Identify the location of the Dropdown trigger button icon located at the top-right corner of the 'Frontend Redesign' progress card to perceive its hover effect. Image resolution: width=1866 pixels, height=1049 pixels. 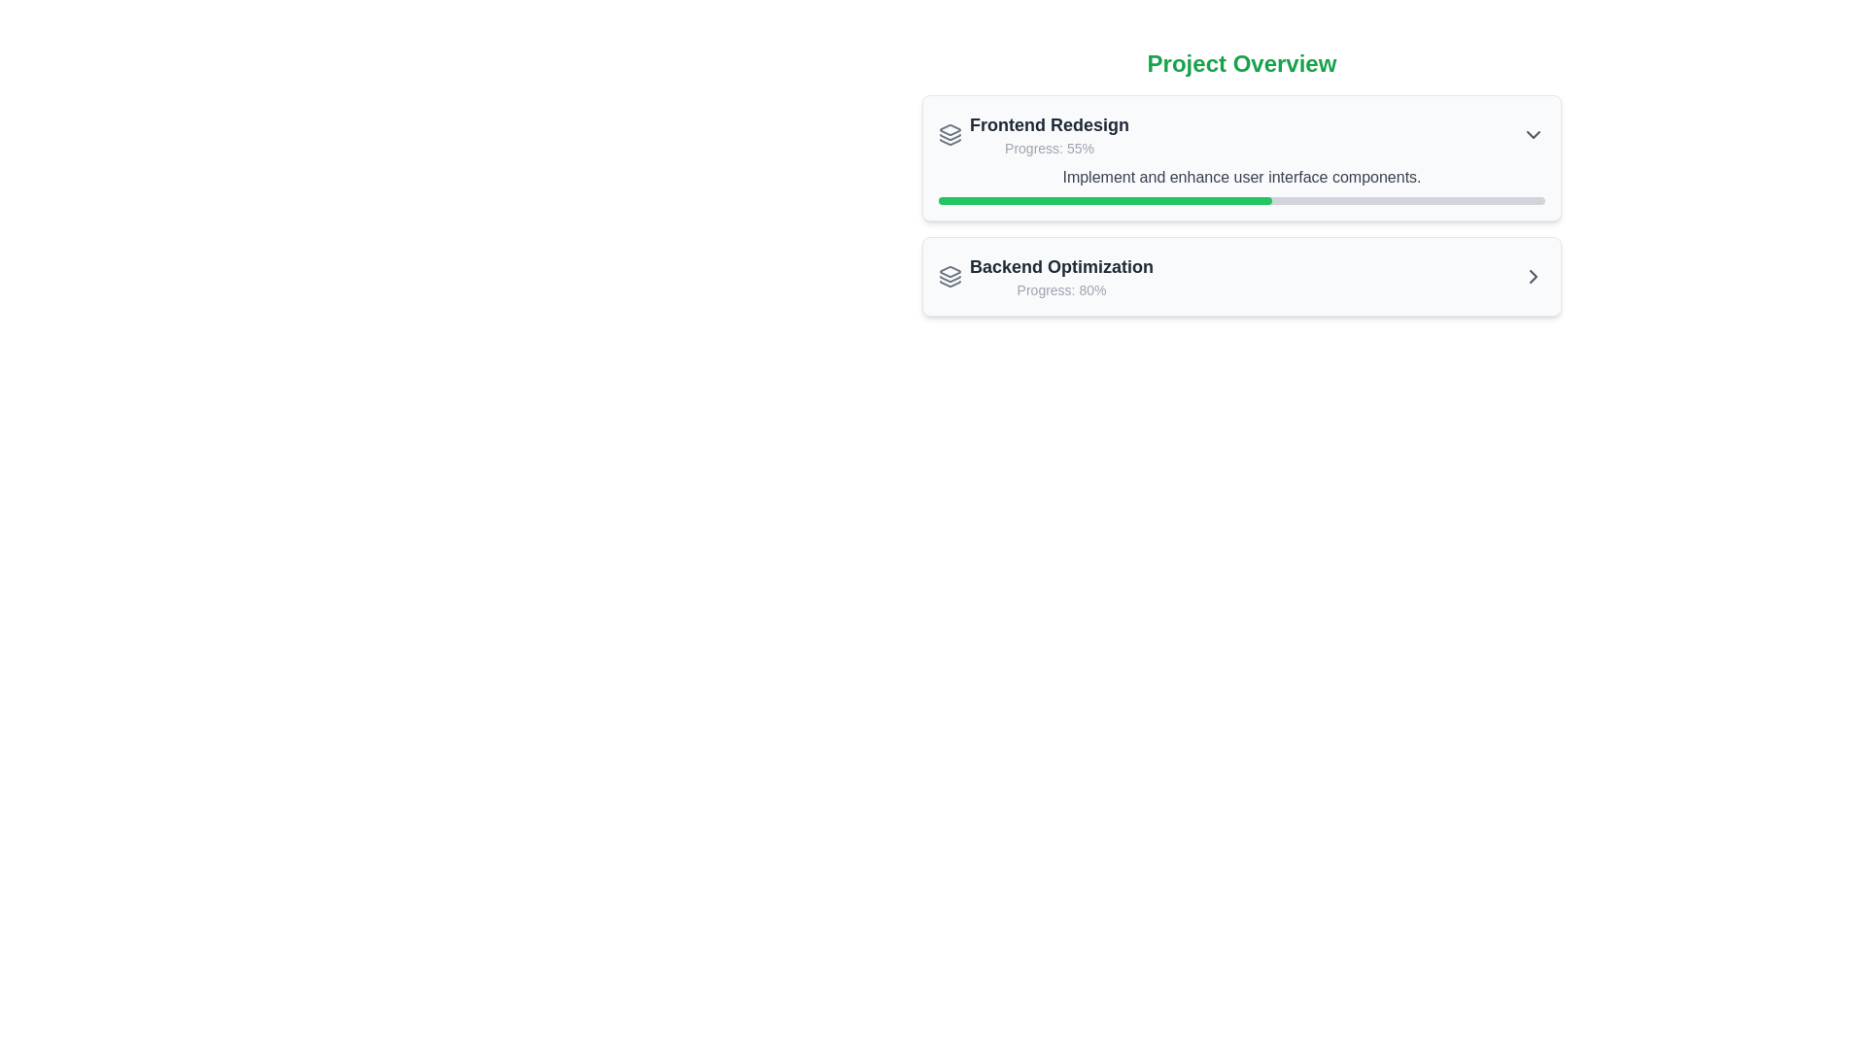
(1533, 133).